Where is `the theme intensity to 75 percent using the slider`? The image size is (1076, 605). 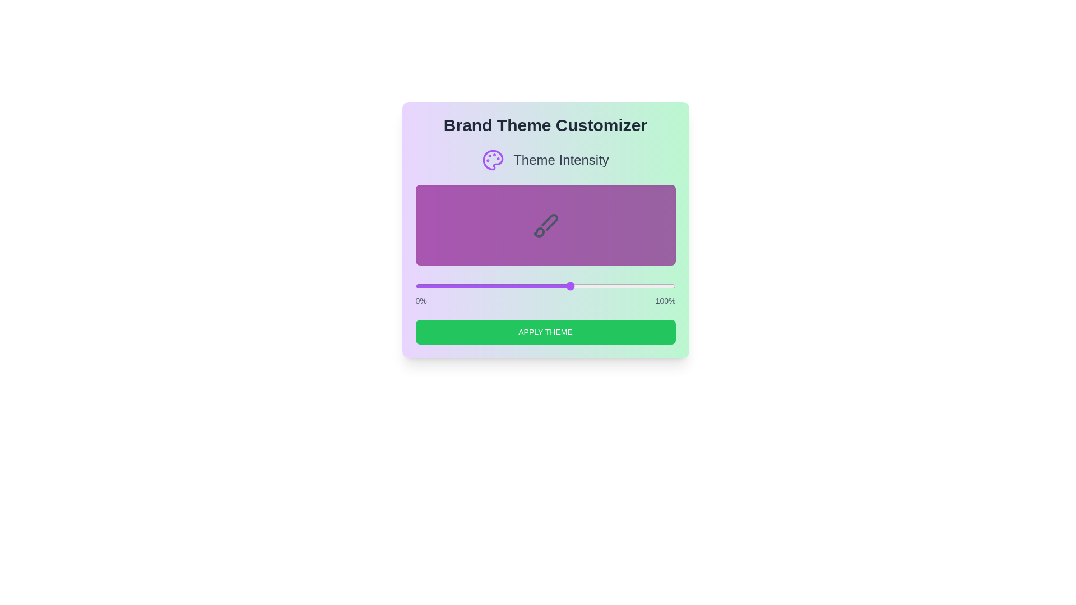
the theme intensity to 75 percent using the slider is located at coordinates (610, 285).